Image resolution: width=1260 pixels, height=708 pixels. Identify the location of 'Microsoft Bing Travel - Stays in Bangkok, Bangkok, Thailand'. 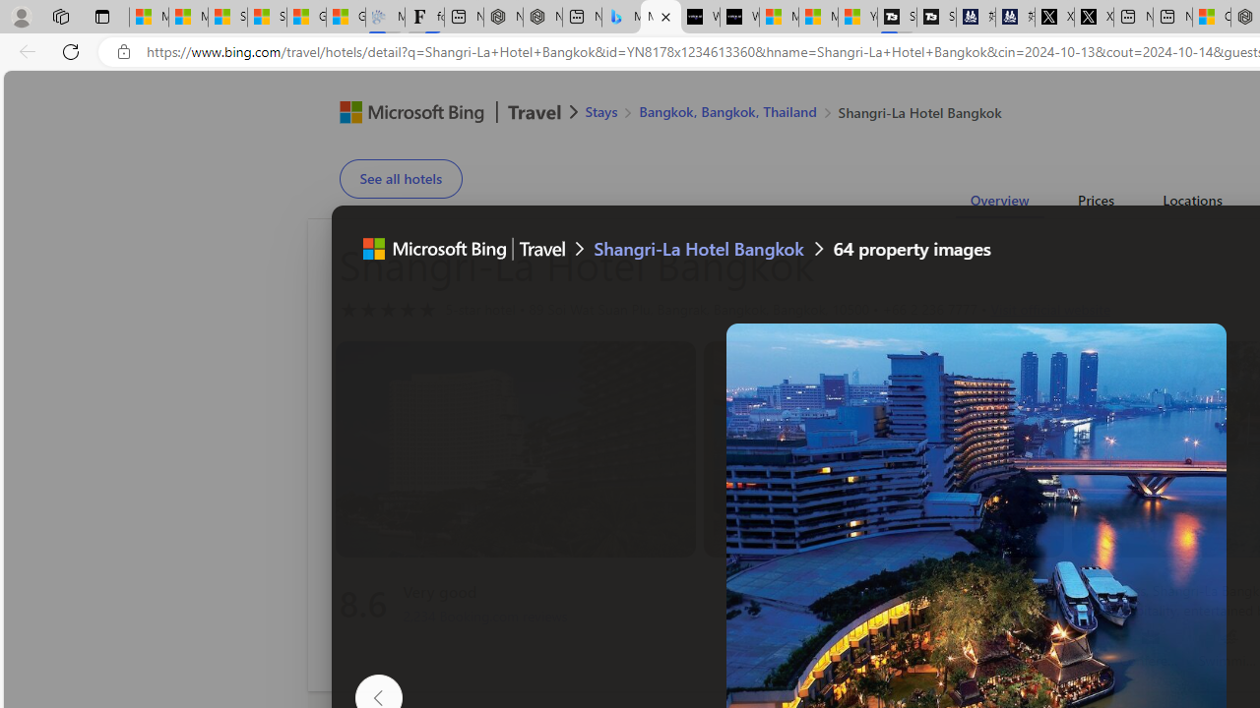
(620, 17).